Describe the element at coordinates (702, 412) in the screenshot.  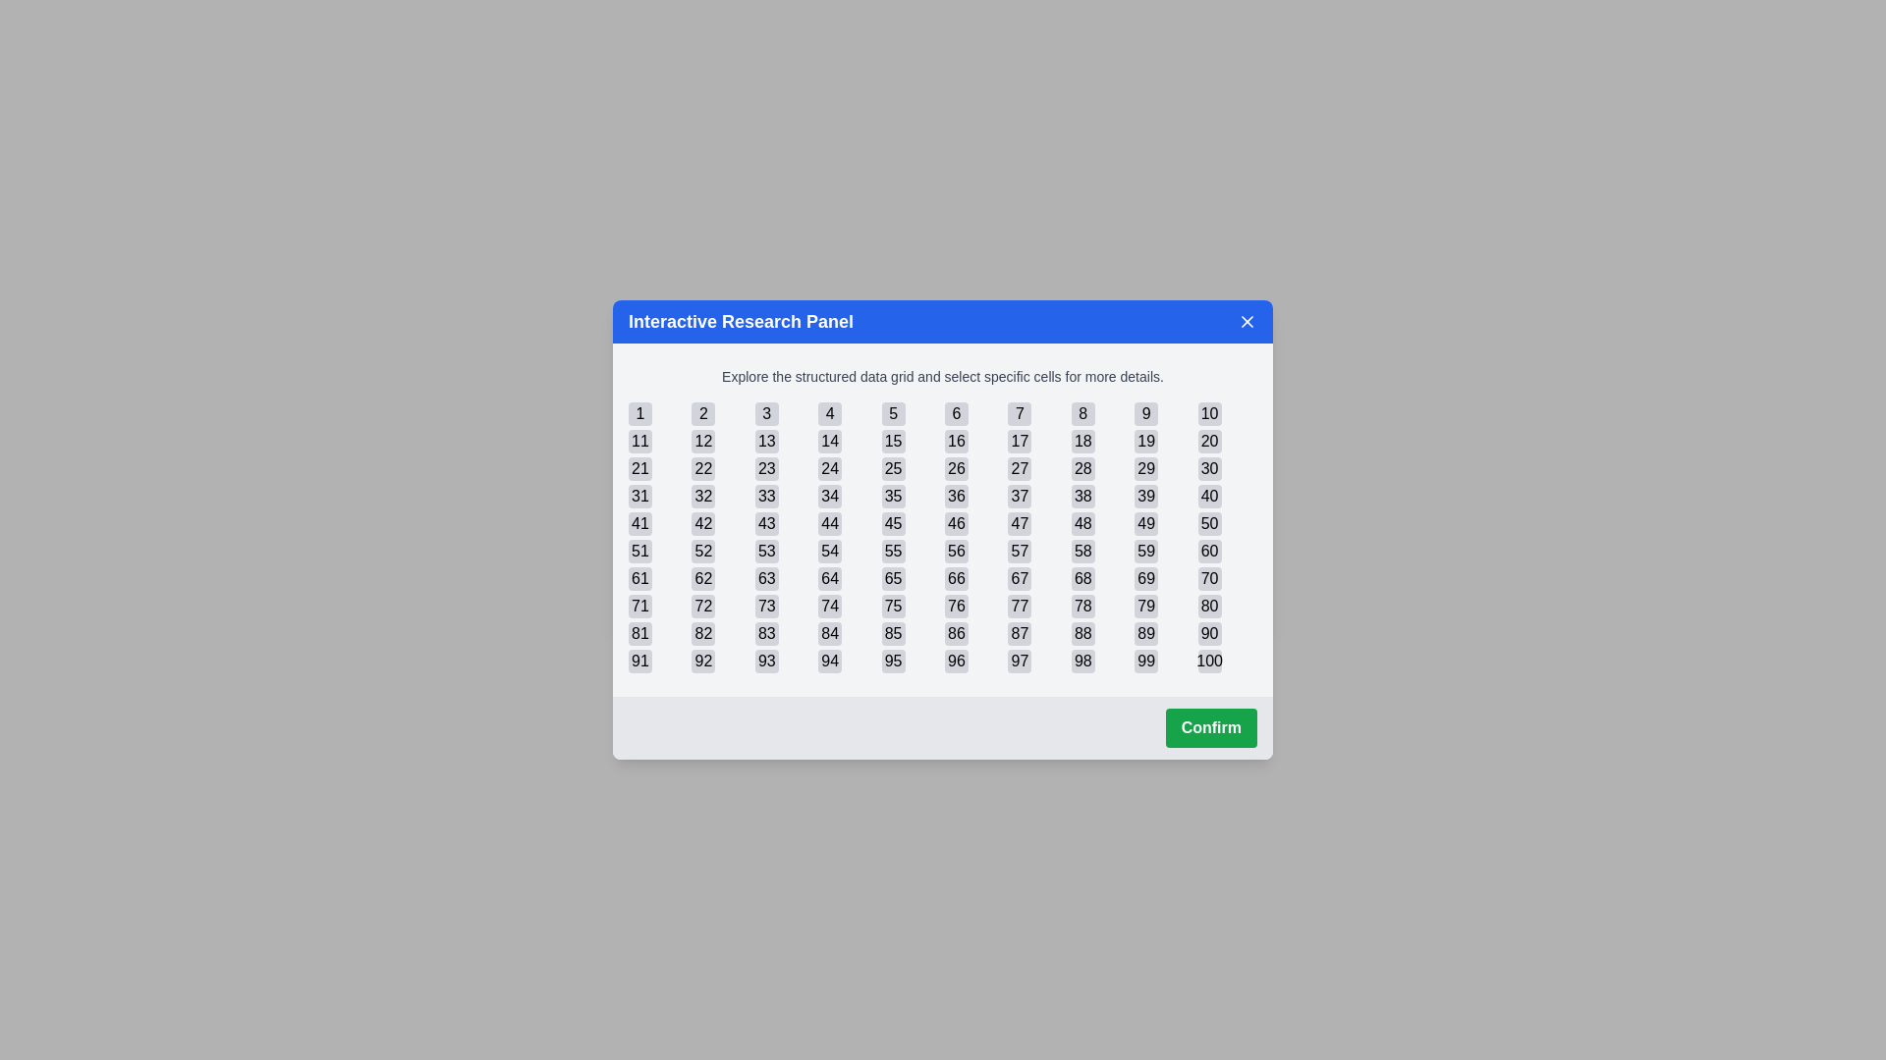
I see `the cell with the number 2 in the grid` at that location.